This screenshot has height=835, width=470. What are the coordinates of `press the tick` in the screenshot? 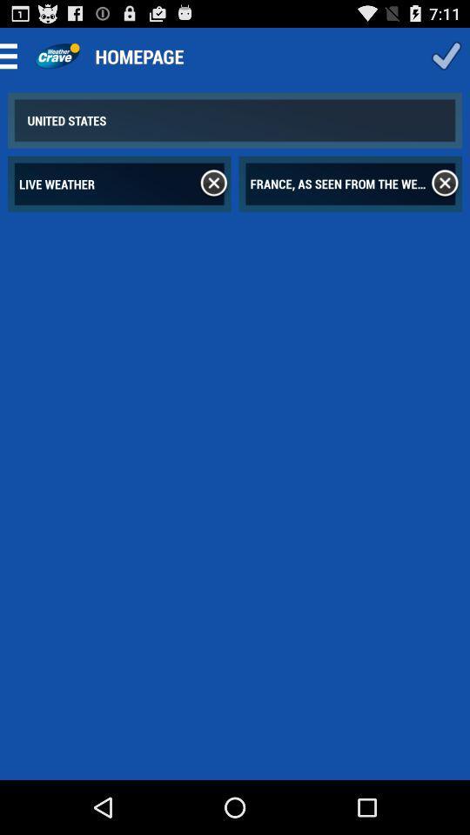 It's located at (446, 56).